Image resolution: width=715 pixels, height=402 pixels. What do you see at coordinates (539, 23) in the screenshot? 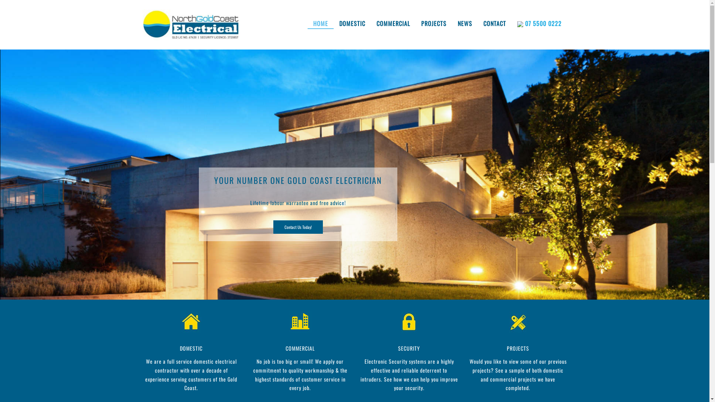
I see `'07 5500 0222'` at bounding box center [539, 23].